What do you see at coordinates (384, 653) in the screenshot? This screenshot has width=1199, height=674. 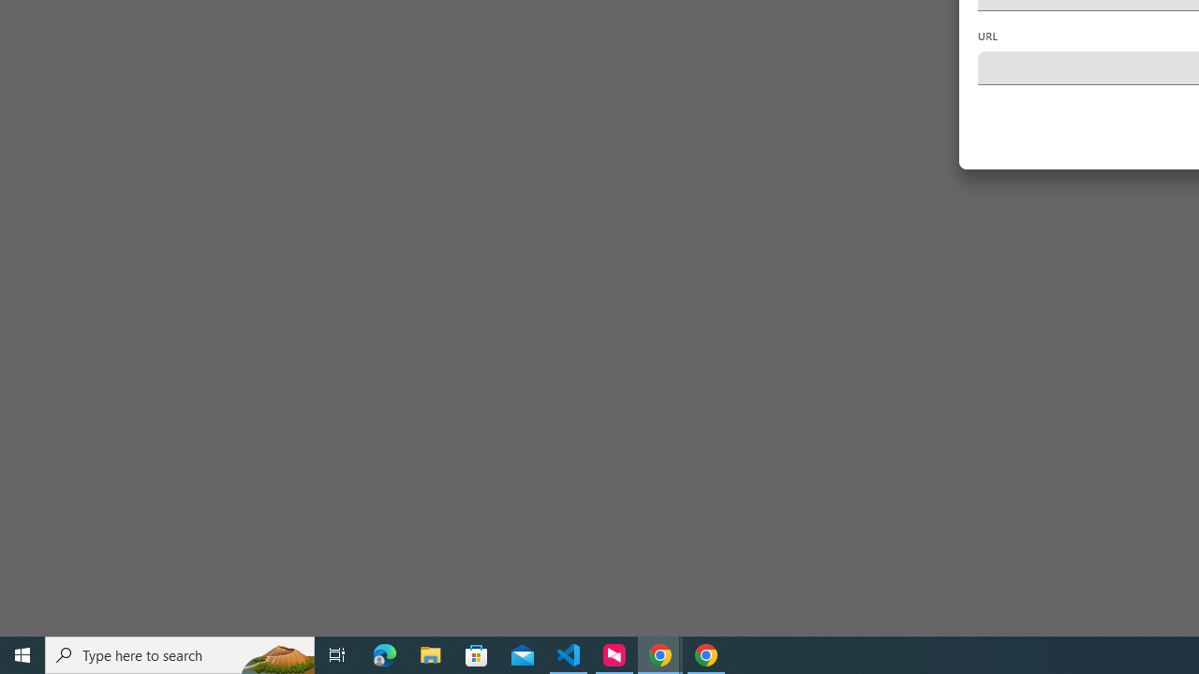 I see `'Microsoft Edge'` at bounding box center [384, 653].